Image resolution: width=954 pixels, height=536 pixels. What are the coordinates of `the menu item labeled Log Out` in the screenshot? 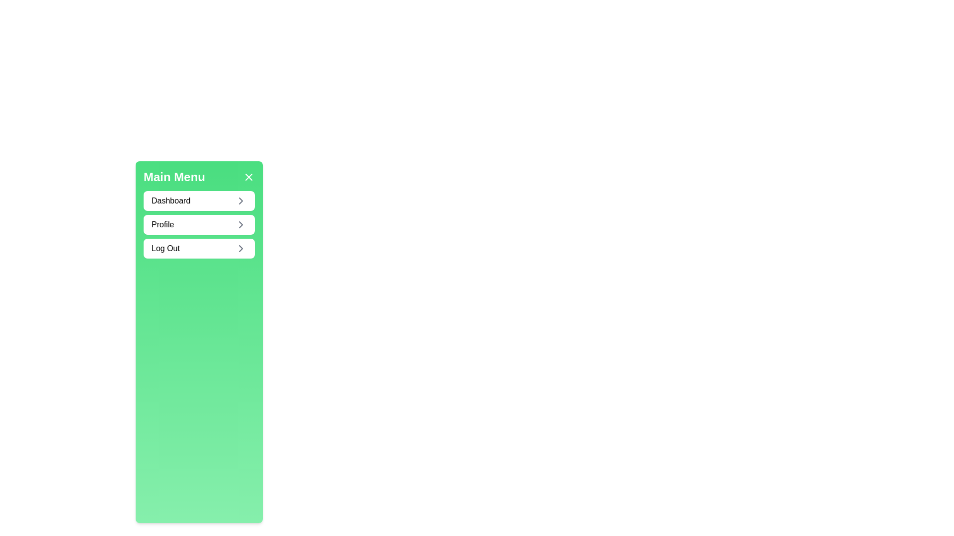 It's located at (199, 248).